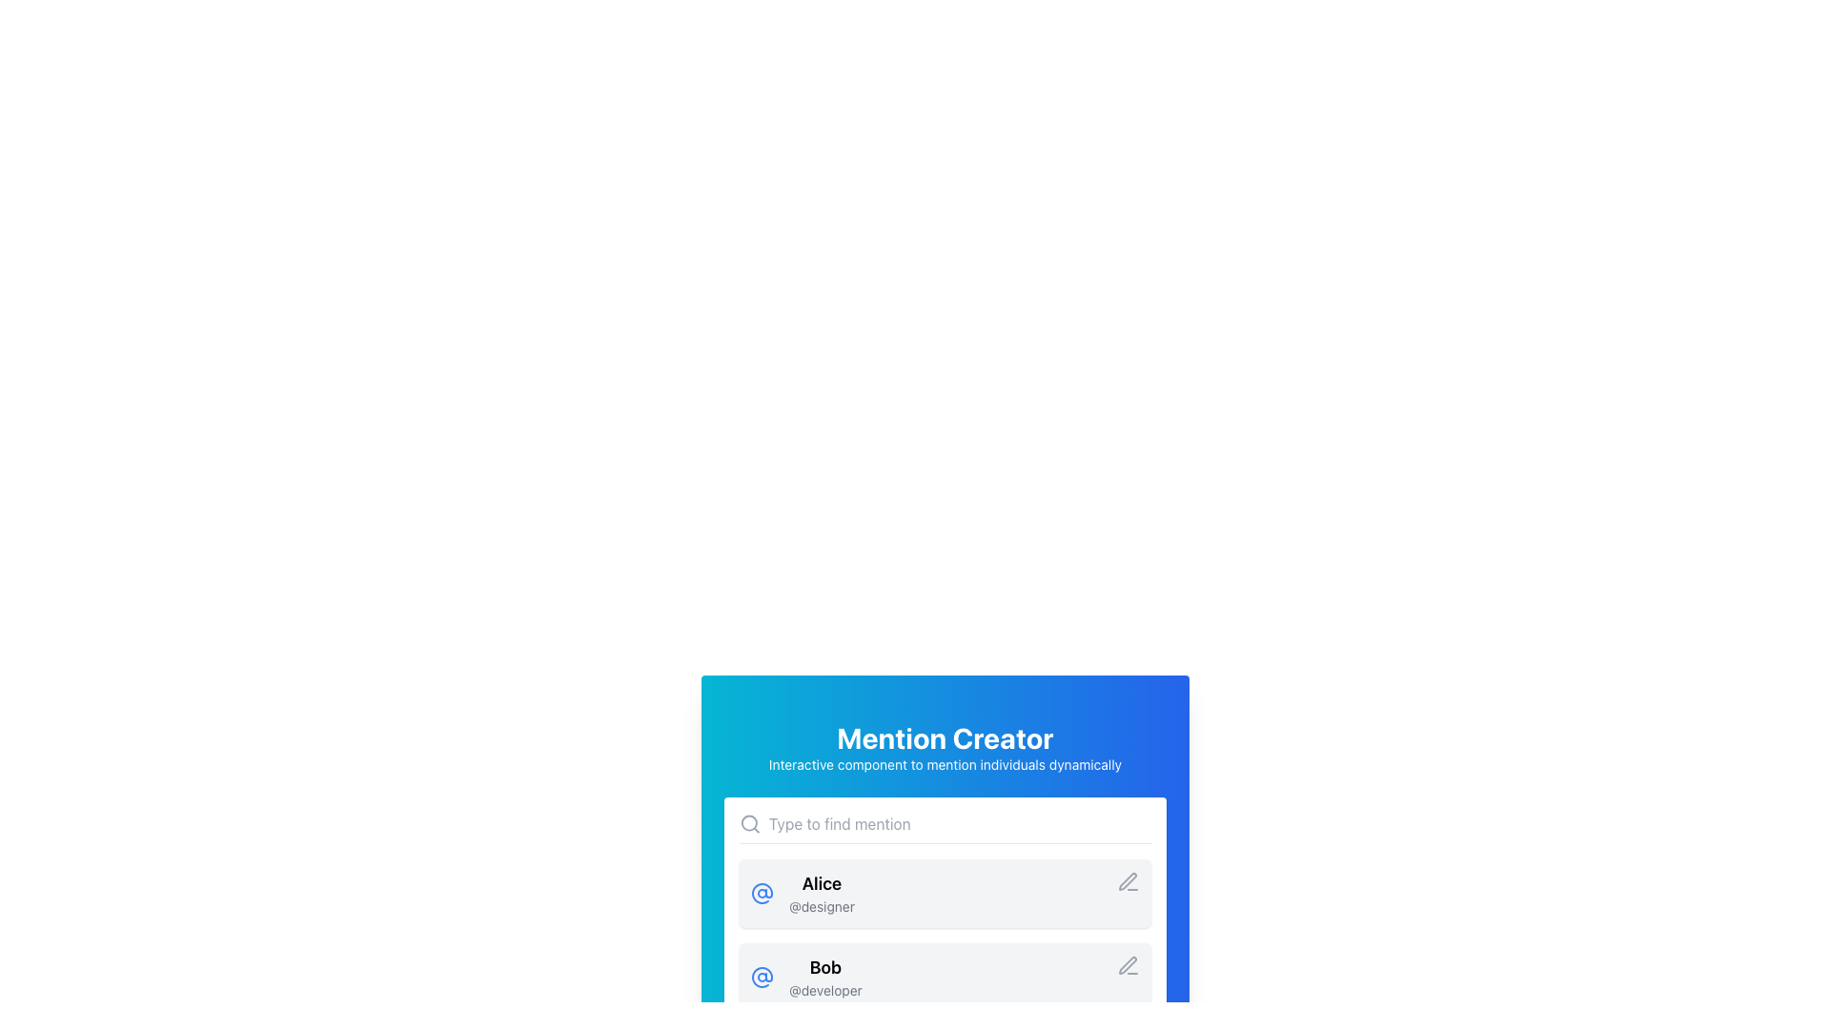 The width and height of the screenshot is (1830, 1029). Describe the element at coordinates (803, 893) in the screenshot. I see `the User Mention Card for 'Alice' which contains an '@' icon in blue, bold 'Alice' text, and smaller '@designer' text` at that location.